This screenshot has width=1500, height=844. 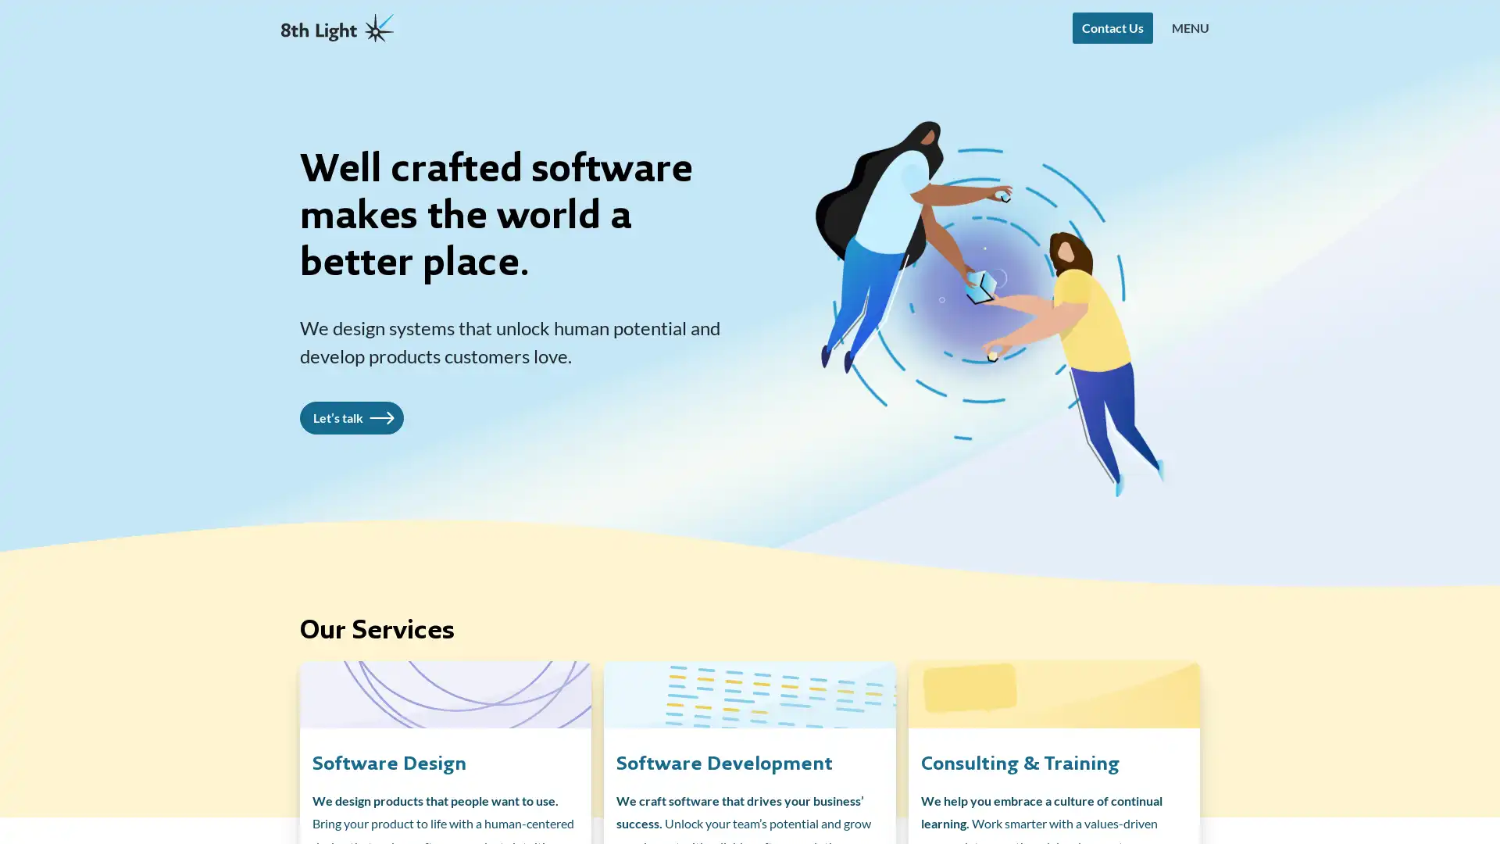 I want to click on MENU, so click(x=1189, y=27).